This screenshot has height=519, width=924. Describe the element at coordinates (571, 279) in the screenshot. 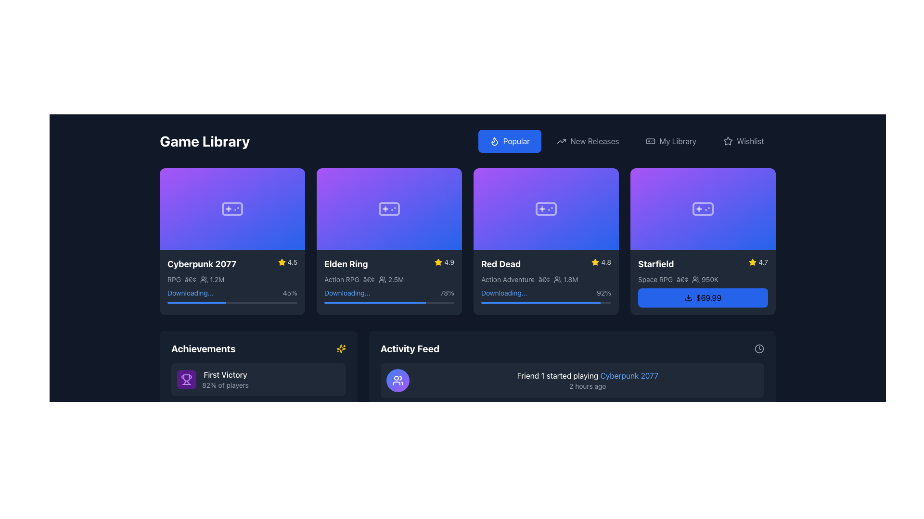

I see `the text label displaying the user count '1.8M' associated with the game 'Red Dead', located in the third position of the game cards row` at that location.